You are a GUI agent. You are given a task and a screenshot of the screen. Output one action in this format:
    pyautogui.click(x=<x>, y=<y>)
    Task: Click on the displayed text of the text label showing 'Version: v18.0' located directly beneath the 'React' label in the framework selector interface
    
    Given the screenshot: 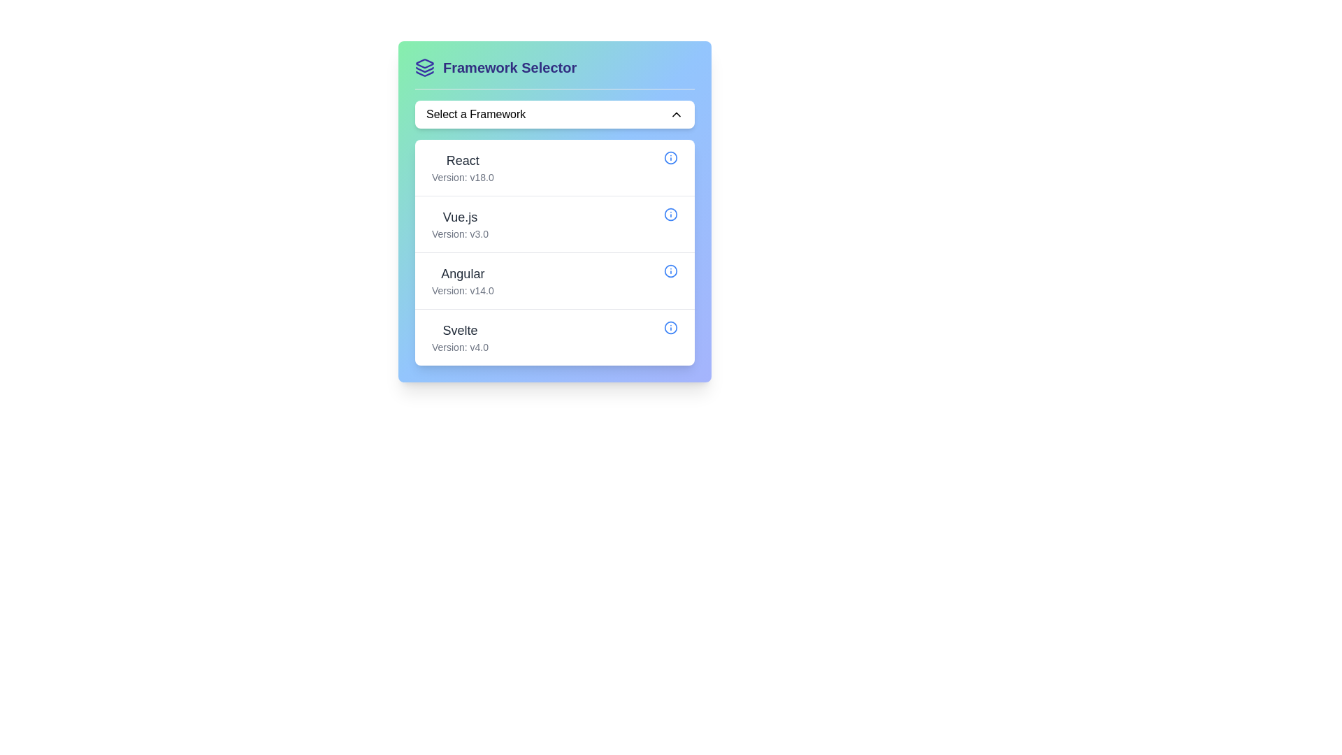 What is the action you would take?
    pyautogui.click(x=463, y=177)
    